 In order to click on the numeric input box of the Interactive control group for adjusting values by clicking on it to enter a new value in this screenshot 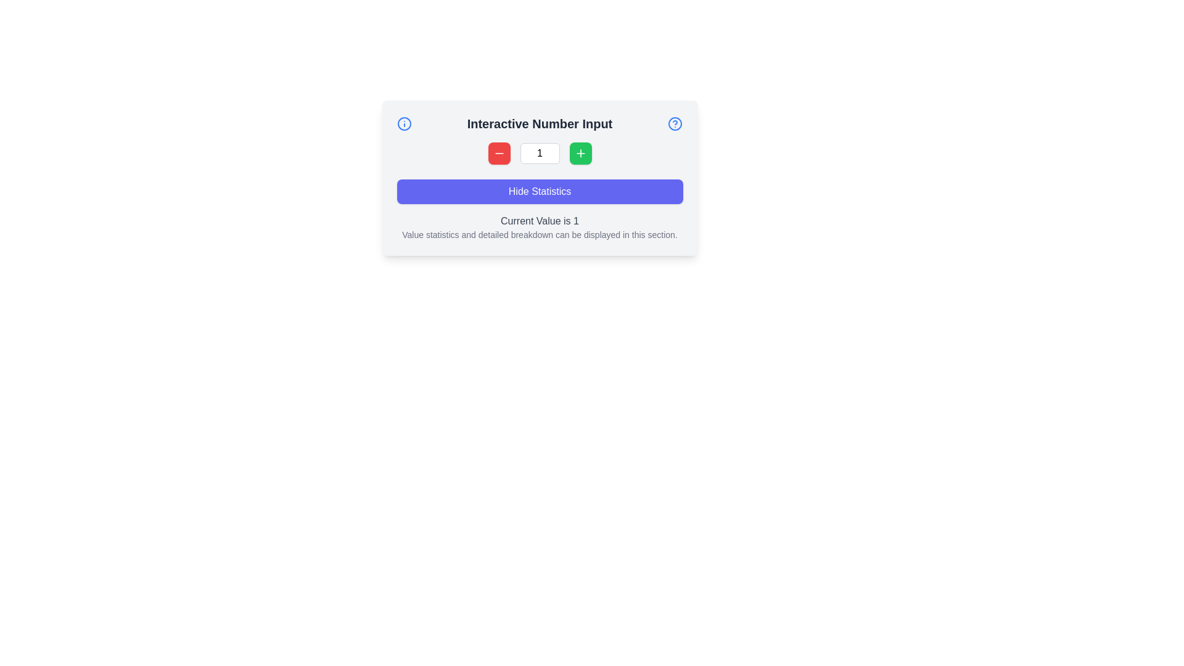, I will do `click(540, 153)`.